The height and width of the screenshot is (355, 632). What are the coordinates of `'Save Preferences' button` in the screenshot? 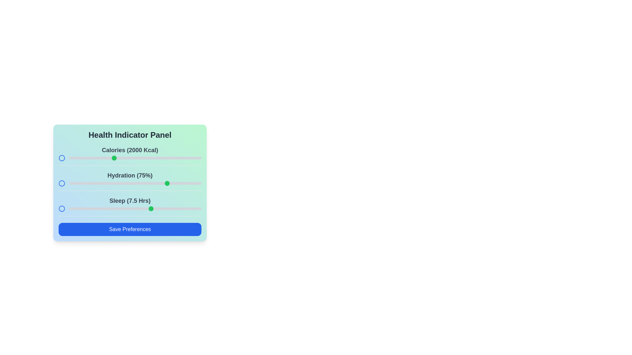 It's located at (130, 229).